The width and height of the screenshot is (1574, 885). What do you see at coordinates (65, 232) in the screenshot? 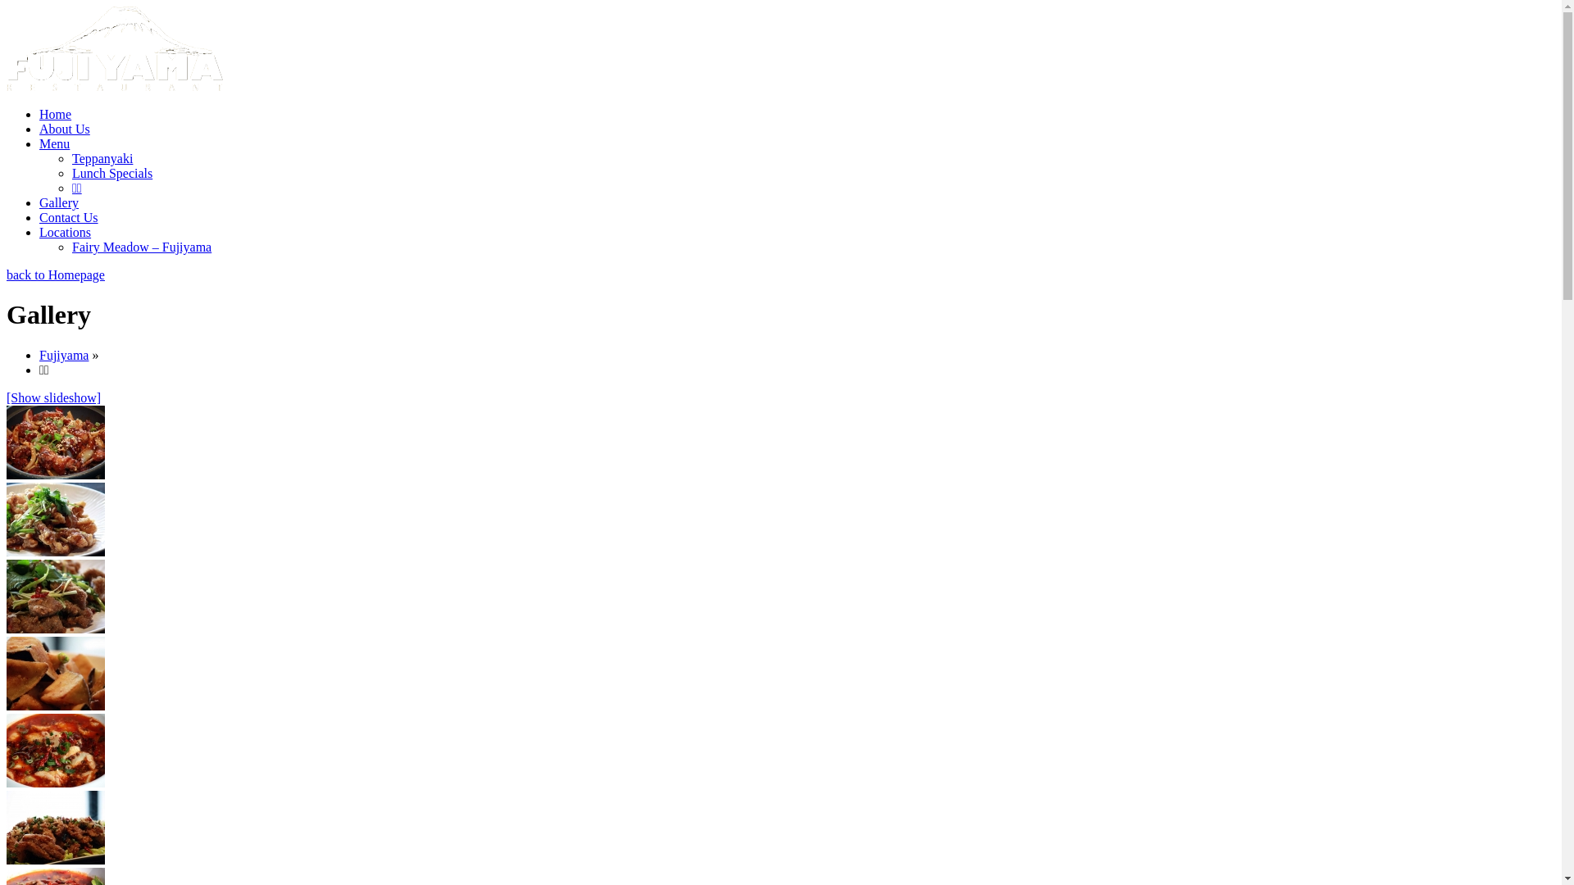
I see `'Locations'` at bounding box center [65, 232].